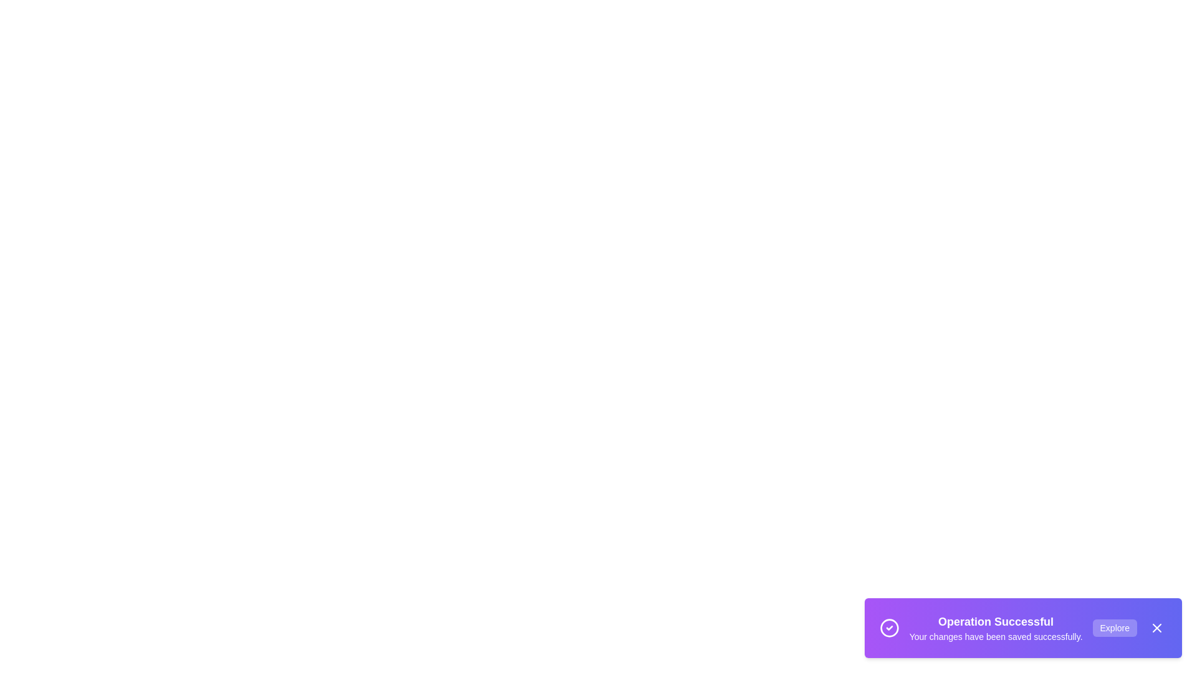 The image size is (1197, 673). Describe the element at coordinates (995, 628) in the screenshot. I see `the message text area to read the information displayed` at that location.